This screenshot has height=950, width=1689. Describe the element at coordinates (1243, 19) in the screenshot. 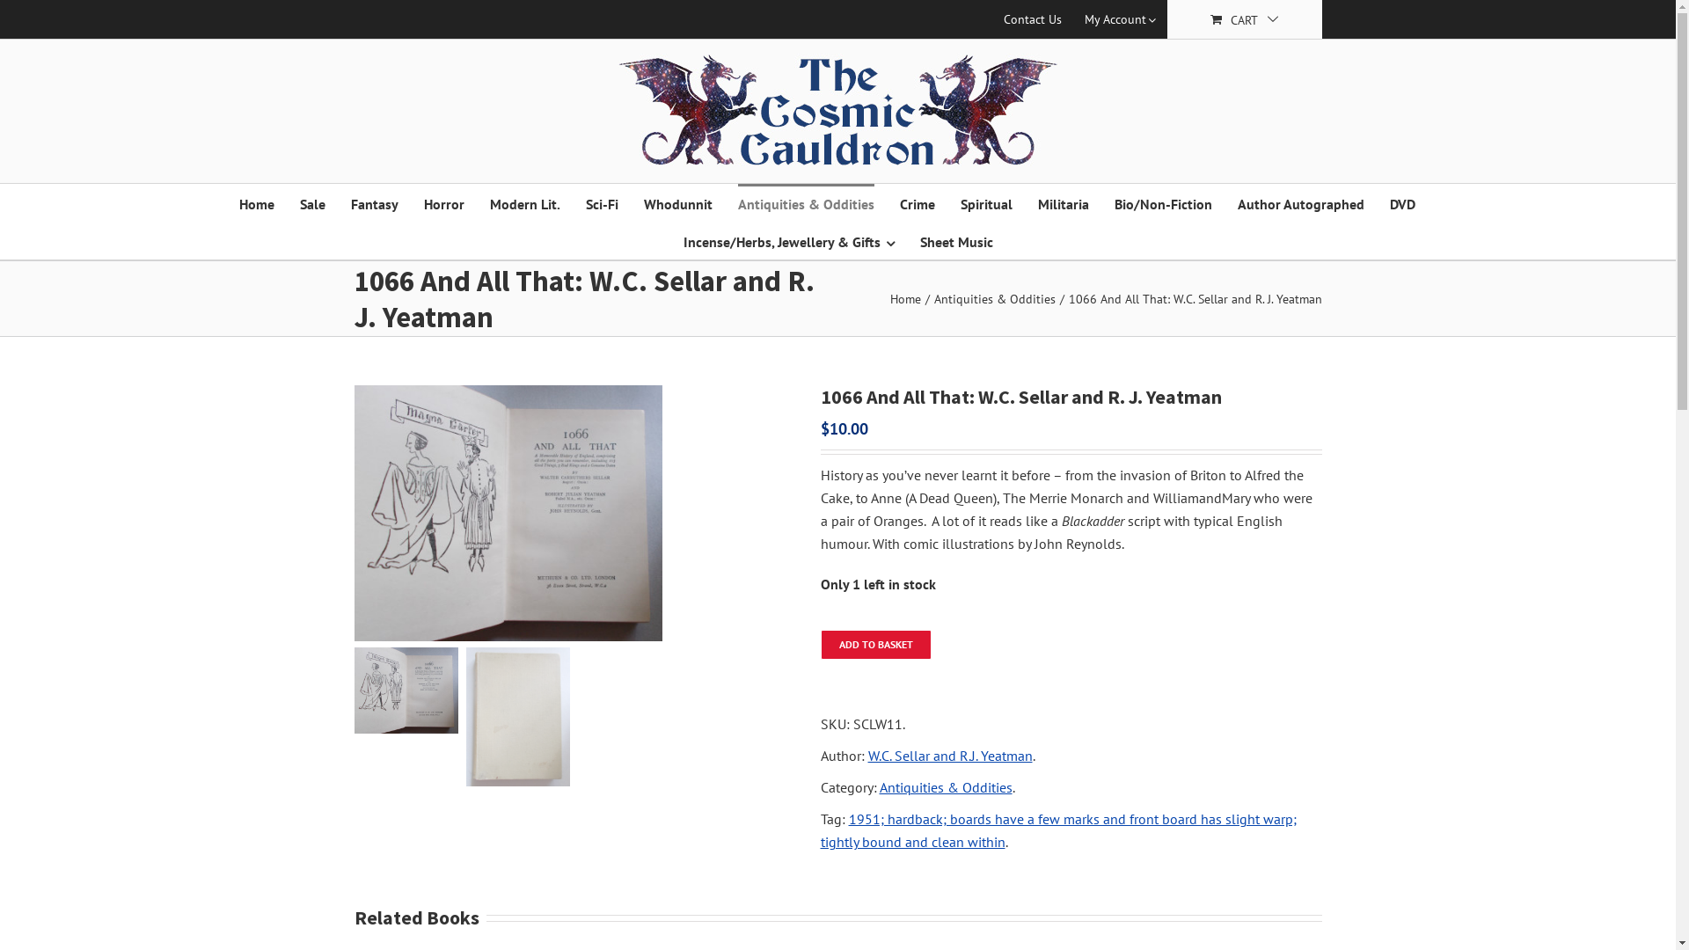

I see `'CART'` at that location.